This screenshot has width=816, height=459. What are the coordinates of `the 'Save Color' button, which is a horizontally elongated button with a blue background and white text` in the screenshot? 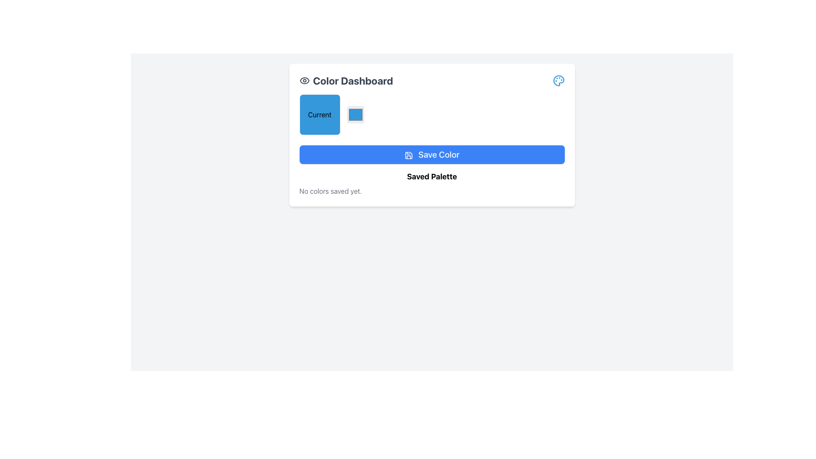 It's located at (432, 154).